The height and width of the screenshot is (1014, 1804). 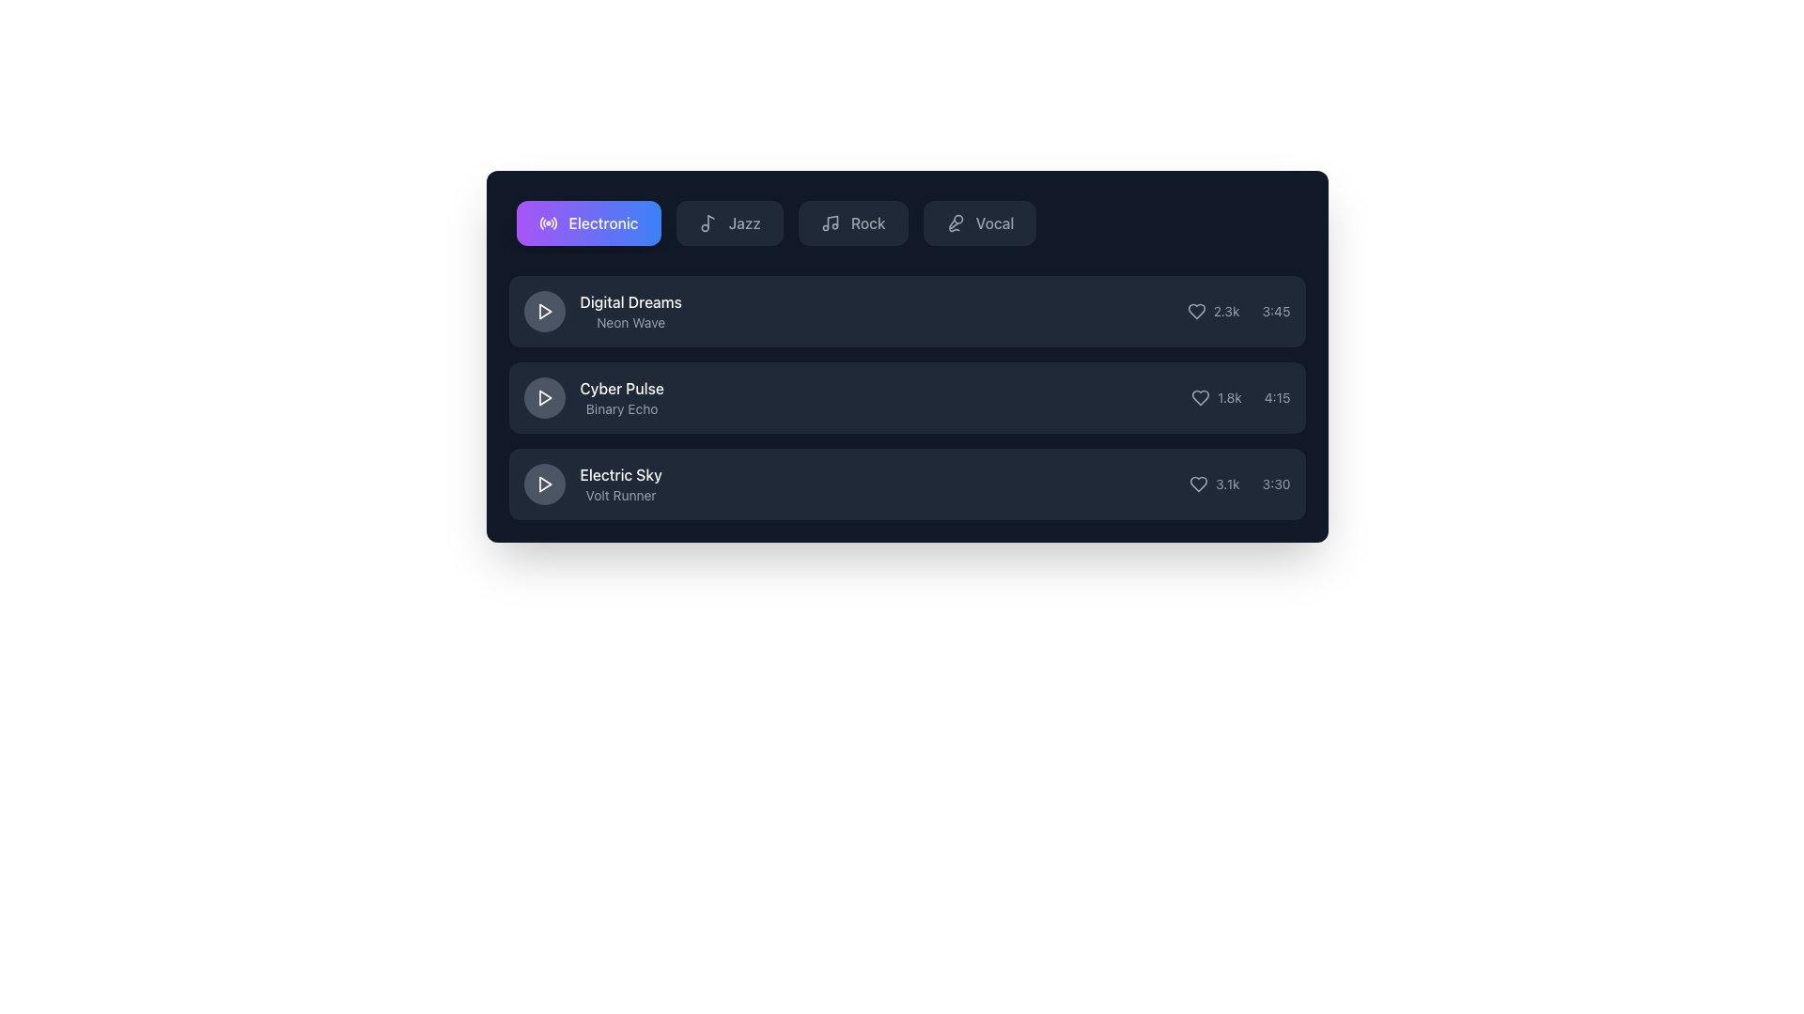 I want to click on the circular play button with a gray background and white play icon located next to the title 'Electric Sky' to play the song, so click(x=543, y=484).